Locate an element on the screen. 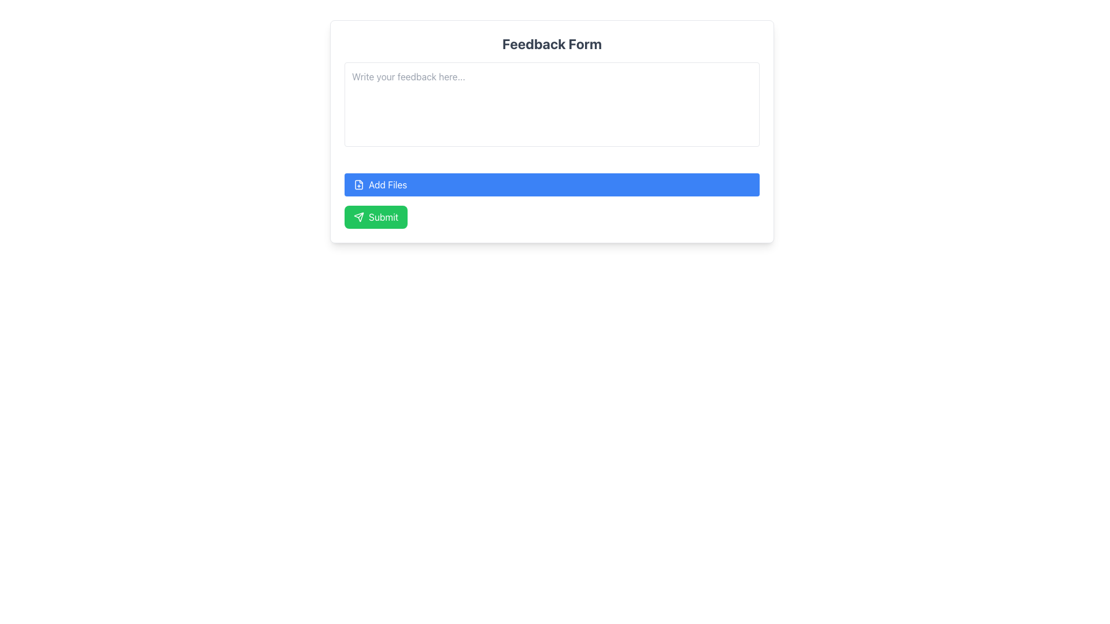 Image resolution: width=1110 pixels, height=624 pixels. the feedback submission button located at the bottom of the 'Feedback Form' interface is located at coordinates (376, 217).